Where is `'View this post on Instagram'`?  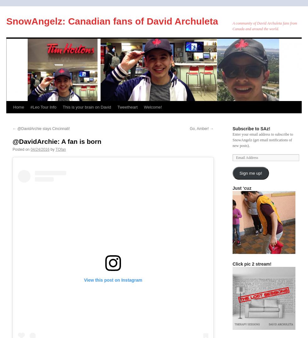
'View this post on Instagram' is located at coordinates (113, 279).